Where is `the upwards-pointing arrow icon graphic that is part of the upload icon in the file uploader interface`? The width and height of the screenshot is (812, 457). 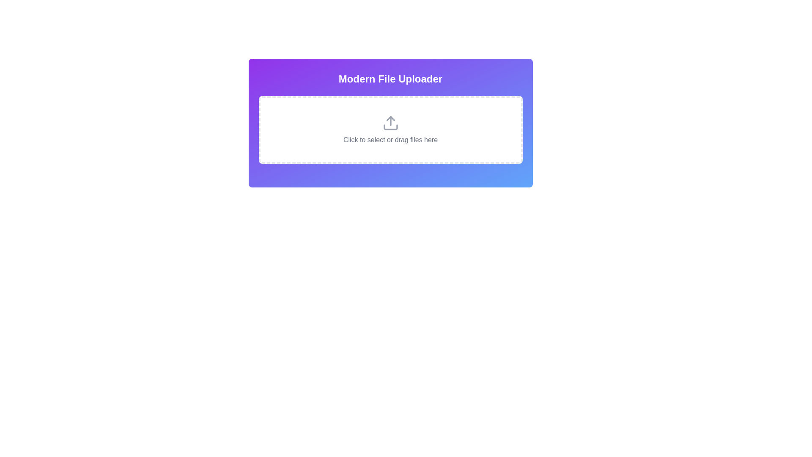
the upwards-pointing arrow icon graphic that is part of the upload icon in the file uploader interface is located at coordinates (390, 118).